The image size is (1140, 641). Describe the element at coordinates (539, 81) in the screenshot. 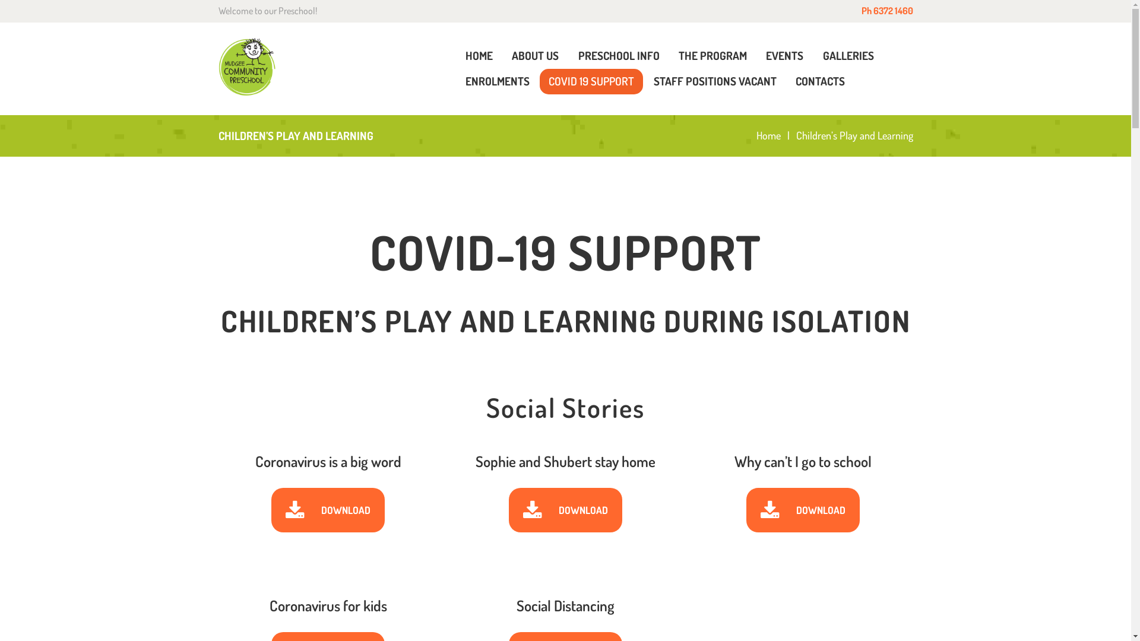

I see `'COVID 19 SUPPORT'` at that location.